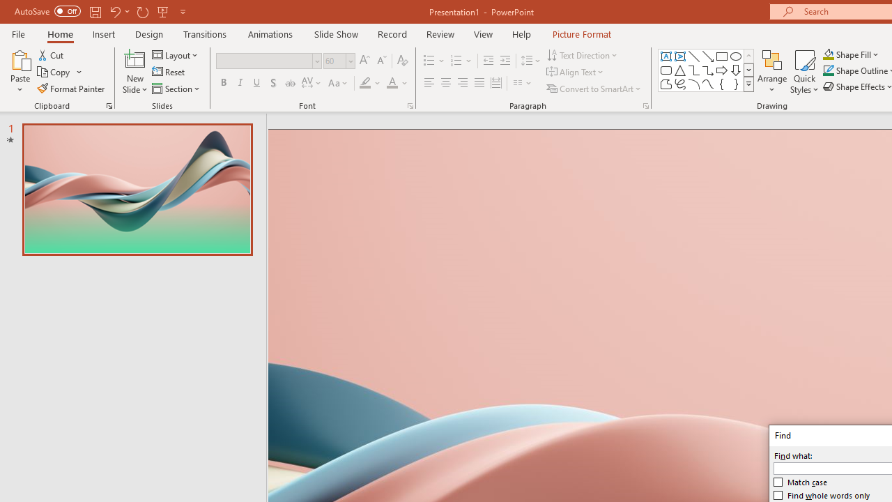 The height and width of the screenshot is (502, 892). Describe the element at coordinates (722, 84) in the screenshot. I see `'Left Brace'` at that location.